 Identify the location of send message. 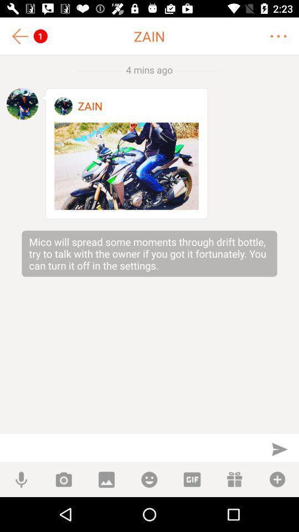
(279, 449).